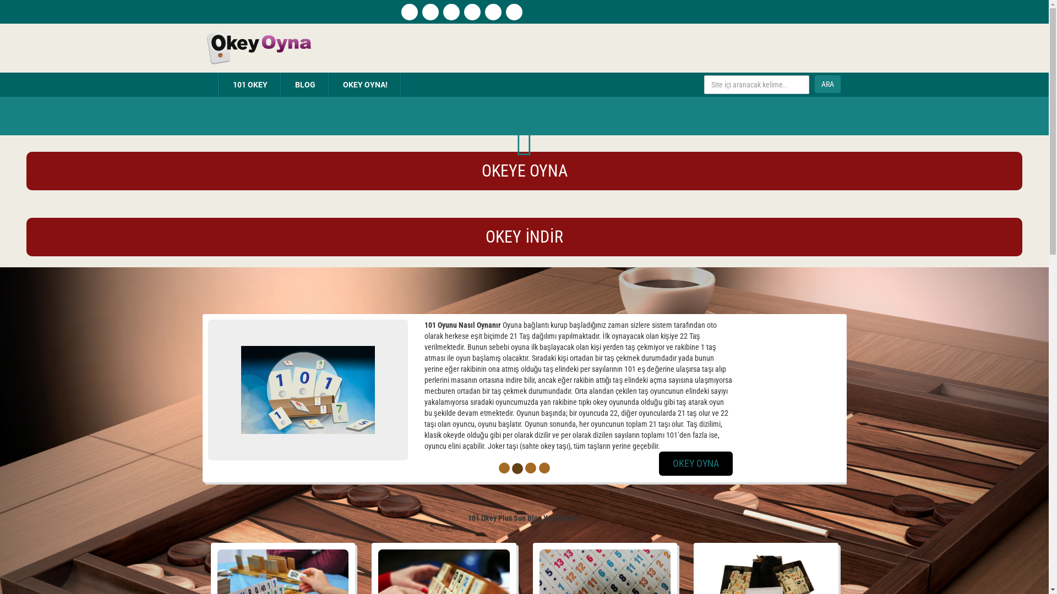  What do you see at coordinates (524, 171) in the screenshot?
I see `'OKEYE OYNA'` at bounding box center [524, 171].